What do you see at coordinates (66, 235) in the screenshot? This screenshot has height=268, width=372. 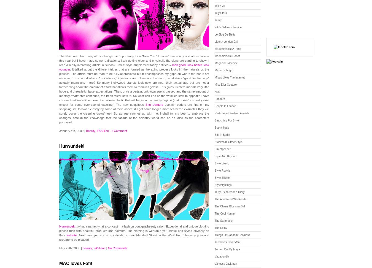 I see `'website'` at bounding box center [66, 235].